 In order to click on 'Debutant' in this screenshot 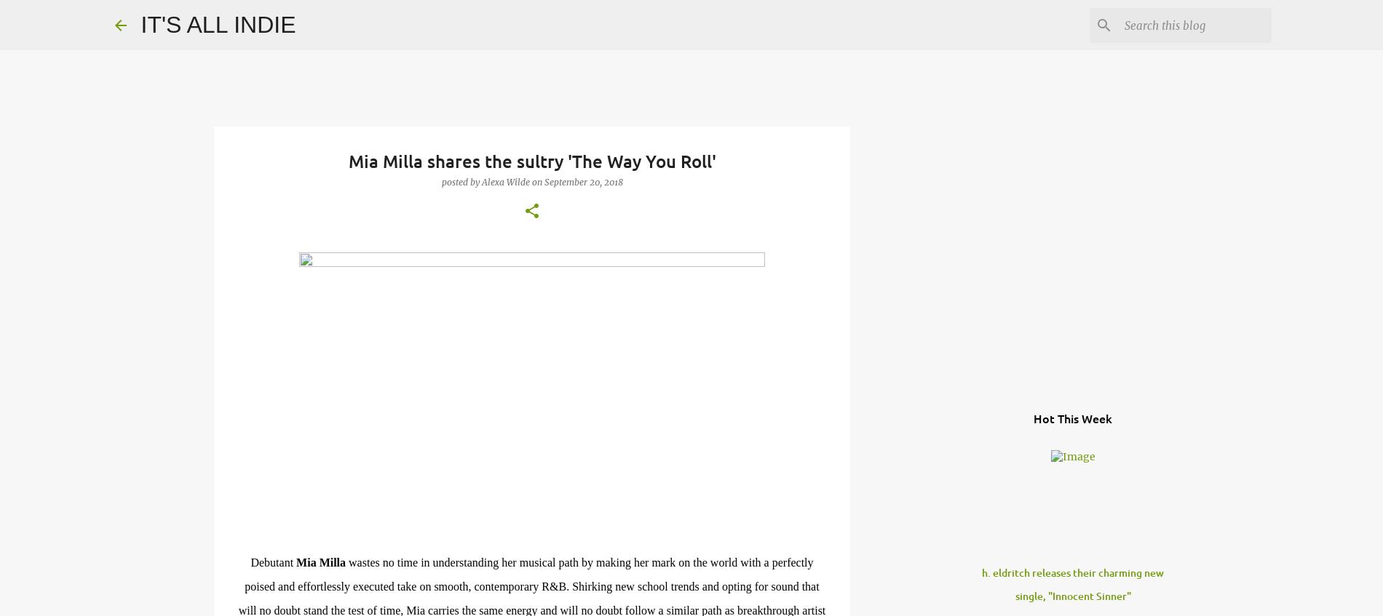, I will do `click(272, 561)`.